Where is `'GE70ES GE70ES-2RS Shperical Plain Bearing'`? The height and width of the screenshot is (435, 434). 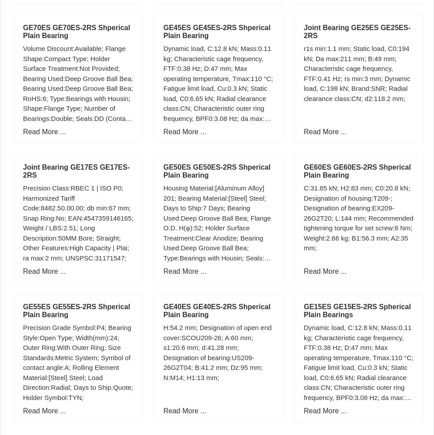
'GE70ES GE70ES-2RS Shperical Plain Bearing' is located at coordinates (76, 31).